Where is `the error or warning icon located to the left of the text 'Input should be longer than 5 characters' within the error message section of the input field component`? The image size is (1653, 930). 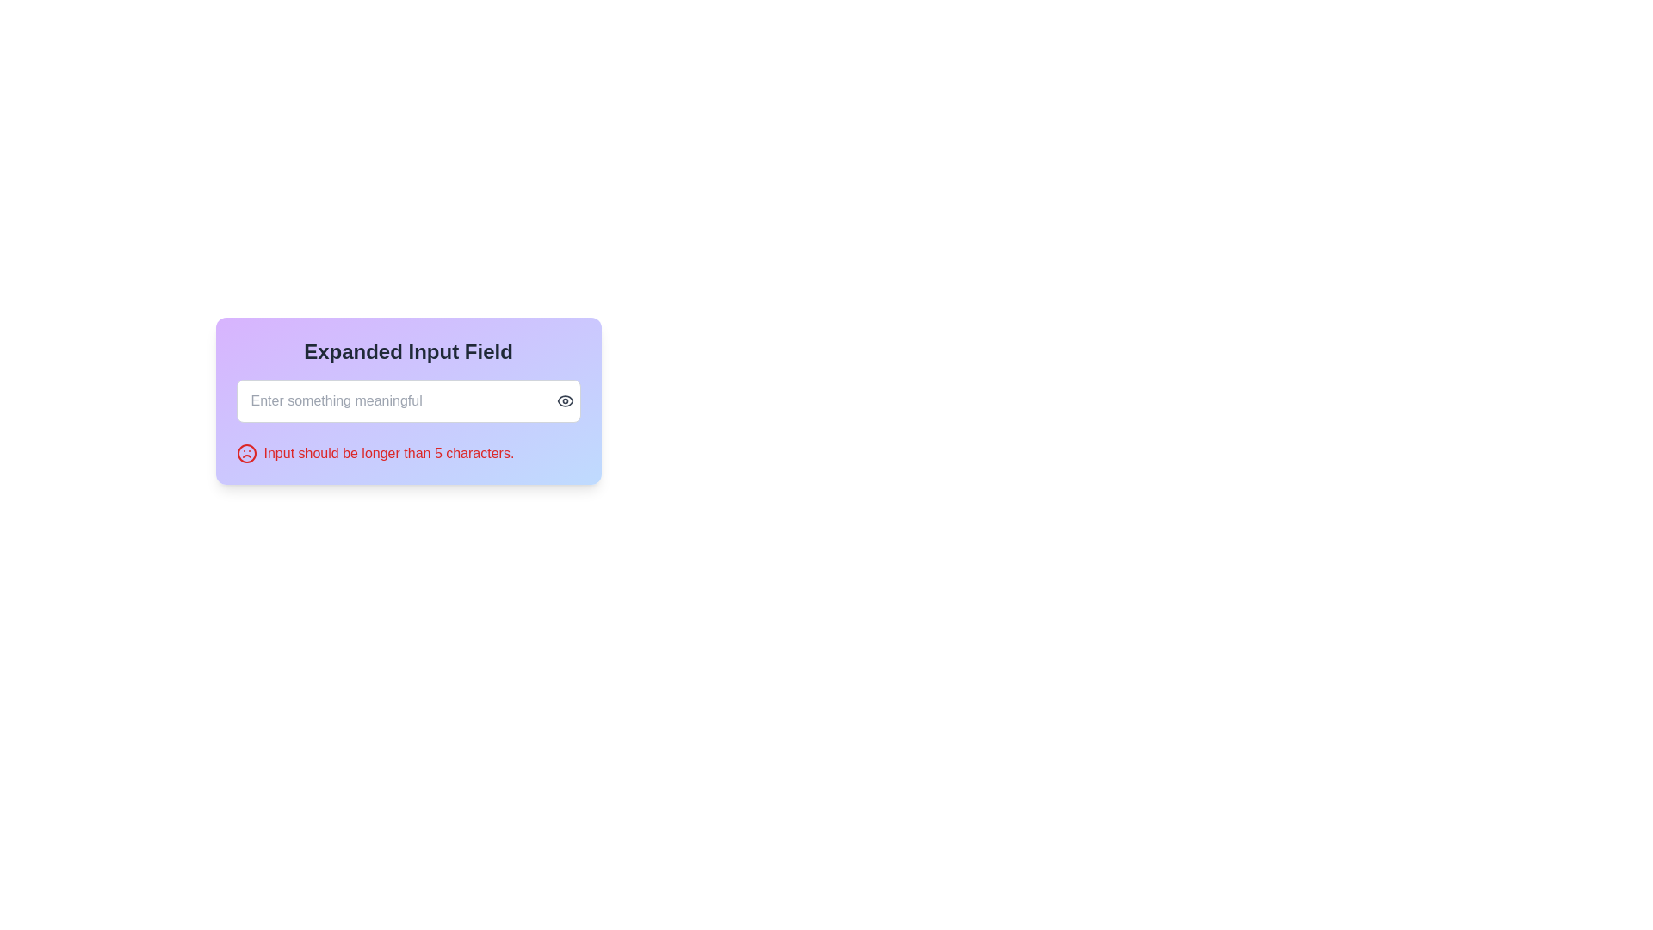
the error or warning icon located to the left of the text 'Input should be longer than 5 characters' within the error message section of the input field component is located at coordinates (245, 453).